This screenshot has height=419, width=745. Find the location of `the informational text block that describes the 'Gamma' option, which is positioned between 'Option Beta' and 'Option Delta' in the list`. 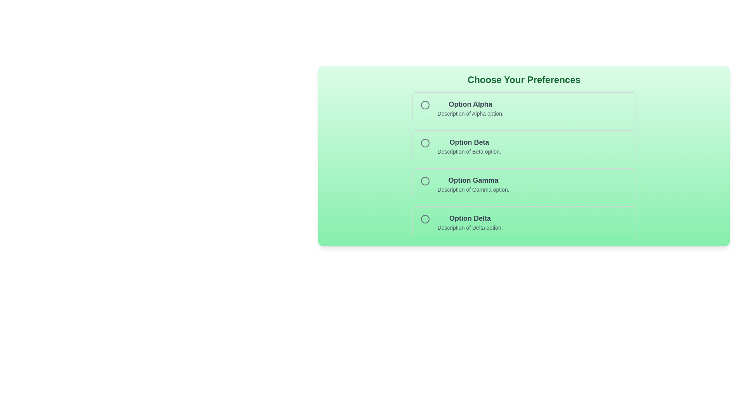

the informational text block that describes the 'Gamma' option, which is positioned between 'Option Beta' and 'Option Delta' in the list is located at coordinates (473, 184).